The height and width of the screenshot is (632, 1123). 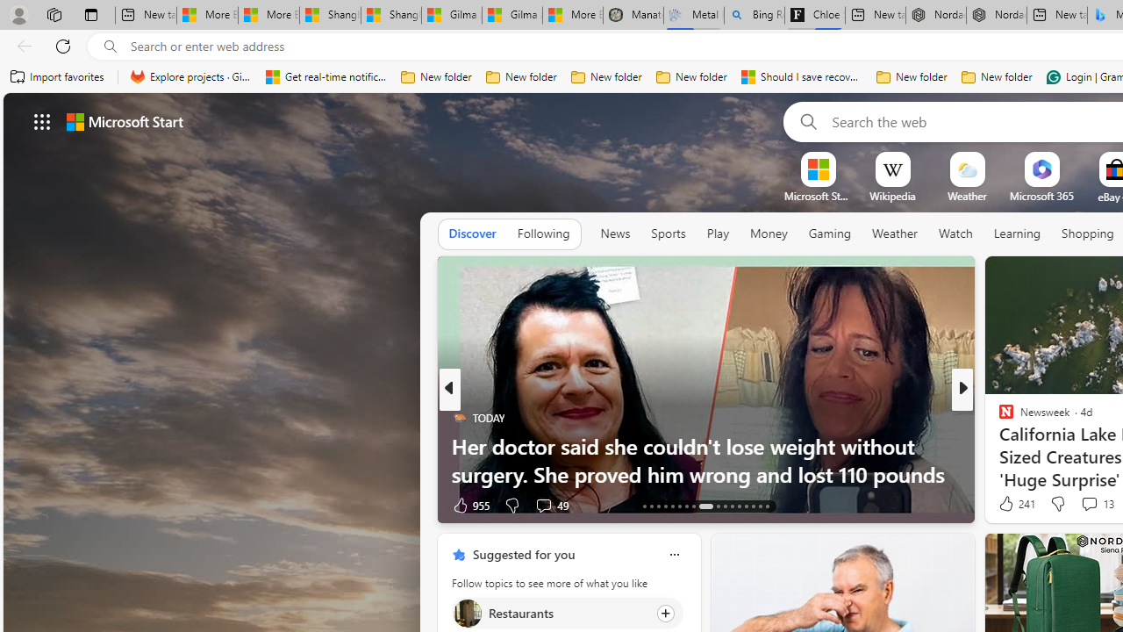 I want to click on 'USA TODAY College Sports Wire', so click(x=998, y=417).